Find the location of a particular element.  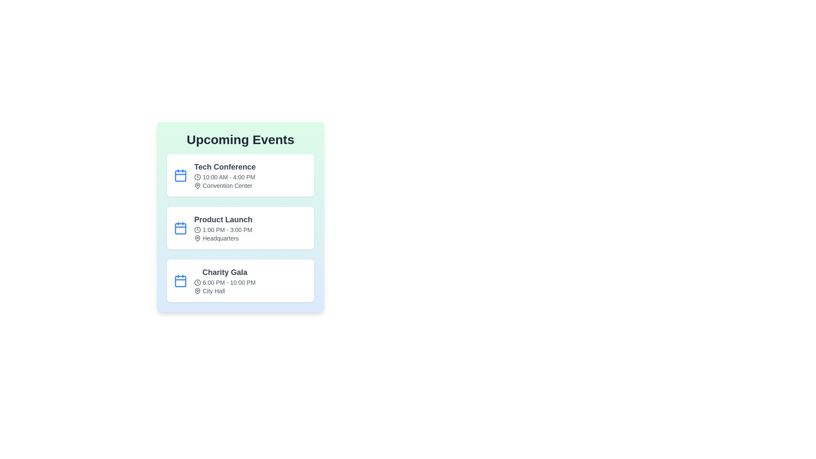

the event icon for Product Launch is located at coordinates (180, 227).